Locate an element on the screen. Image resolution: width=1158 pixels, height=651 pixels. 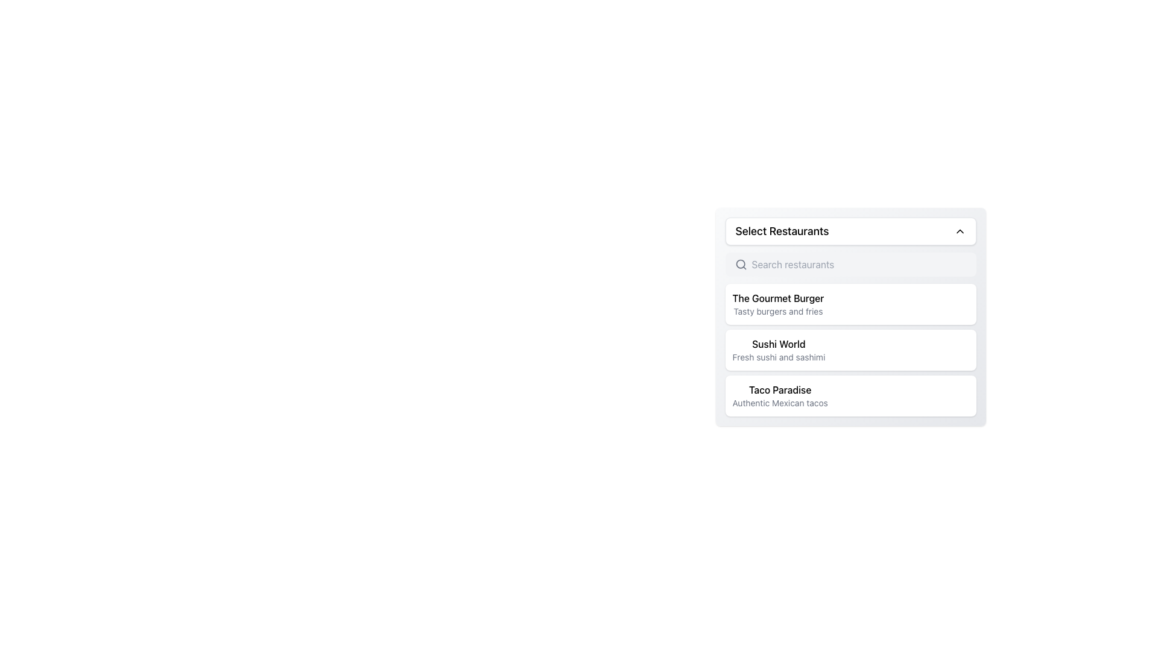
the text element representing 'Taco Paradise' within a selectable card is located at coordinates (780, 395).